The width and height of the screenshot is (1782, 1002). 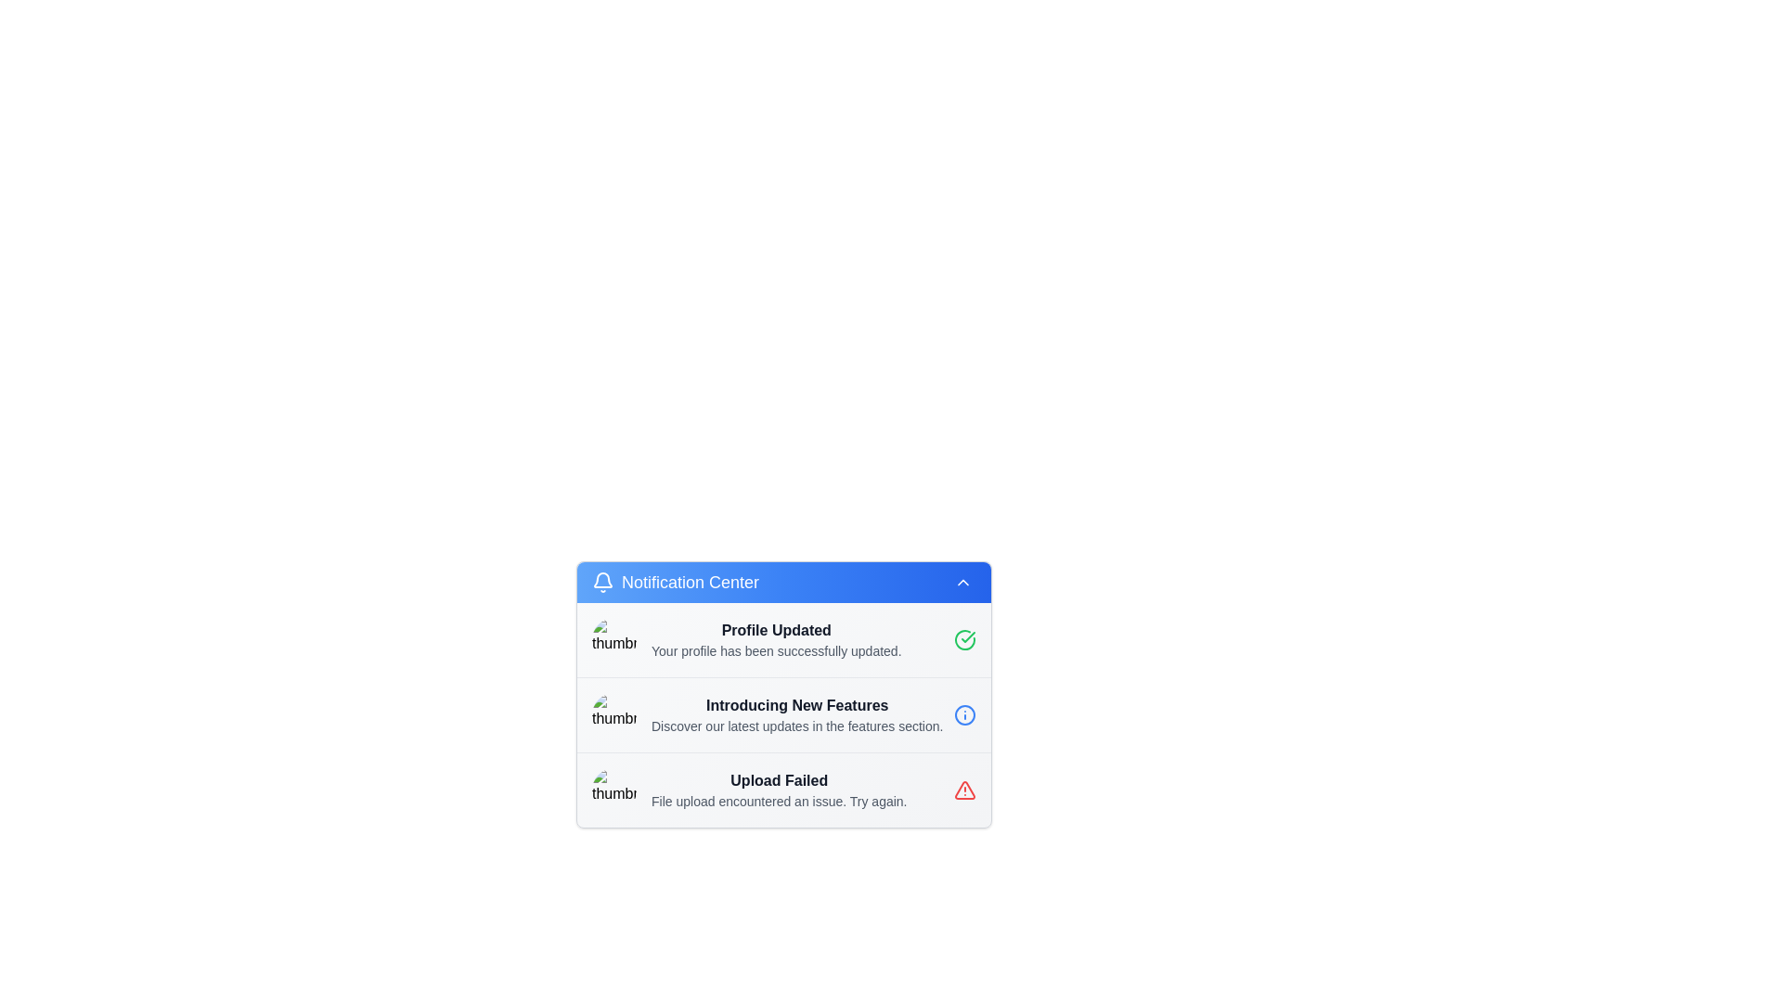 I want to click on detailed text content that provides clarification about the notification status of 'Upload Failed' and suggests retrying the file upload, so click(x=779, y=801).